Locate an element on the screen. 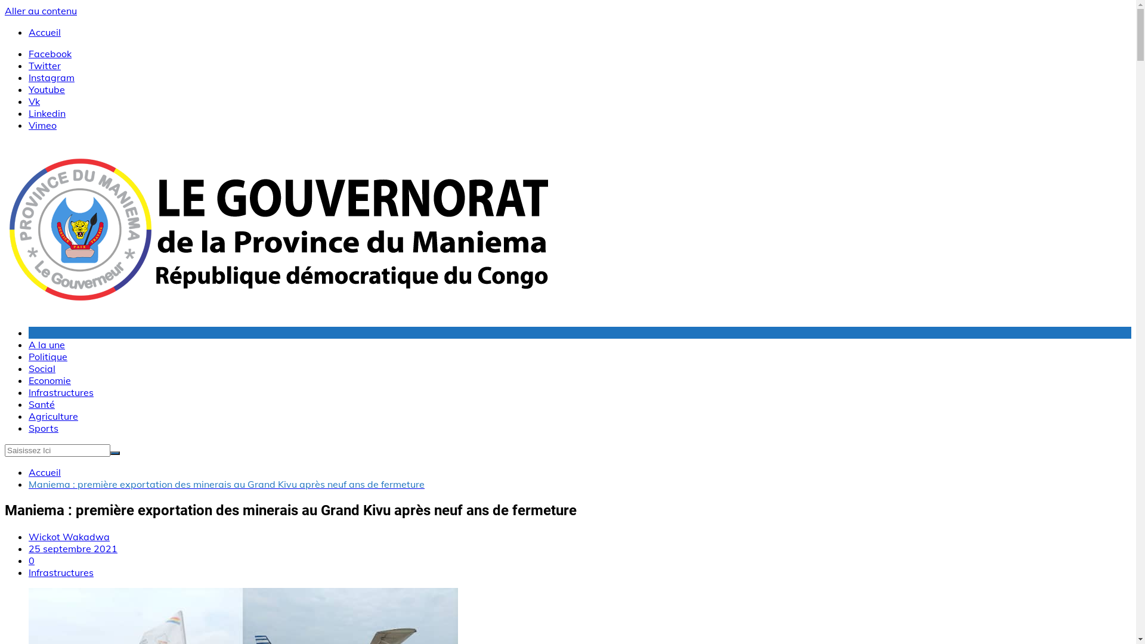 This screenshot has width=1145, height=644. 'Accueil' is located at coordinates (45, 32).